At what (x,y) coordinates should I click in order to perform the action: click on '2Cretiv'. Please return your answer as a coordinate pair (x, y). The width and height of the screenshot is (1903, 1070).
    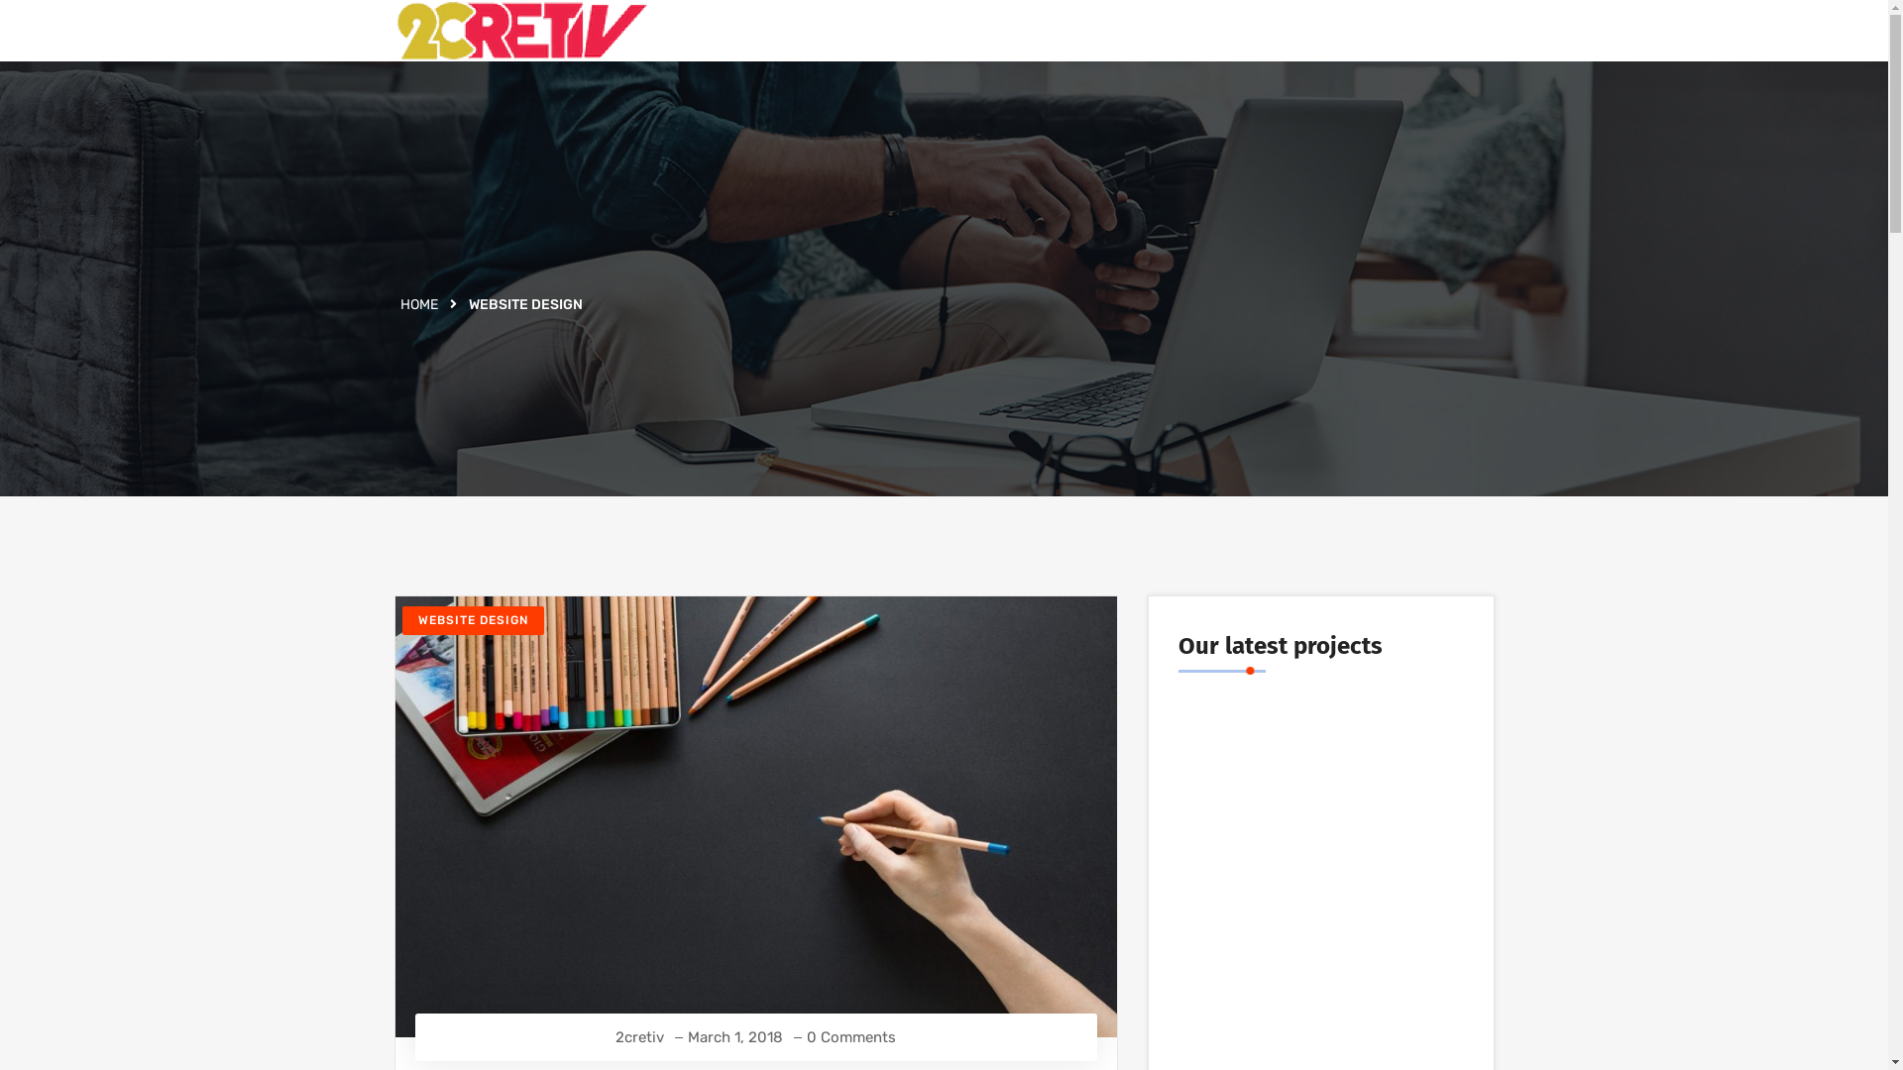
    Looking at the image, I should click on (520, 30).